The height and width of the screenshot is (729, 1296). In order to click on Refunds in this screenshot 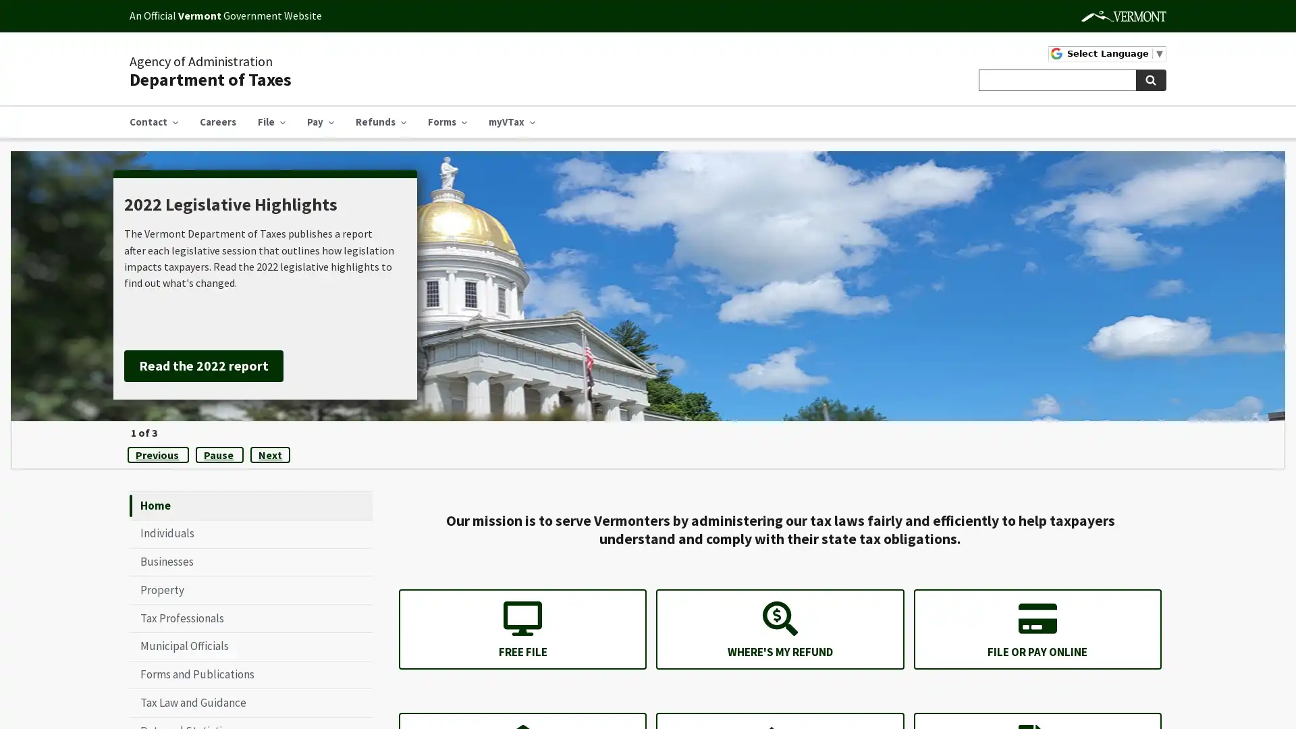, I will do `click(380, 122)`.